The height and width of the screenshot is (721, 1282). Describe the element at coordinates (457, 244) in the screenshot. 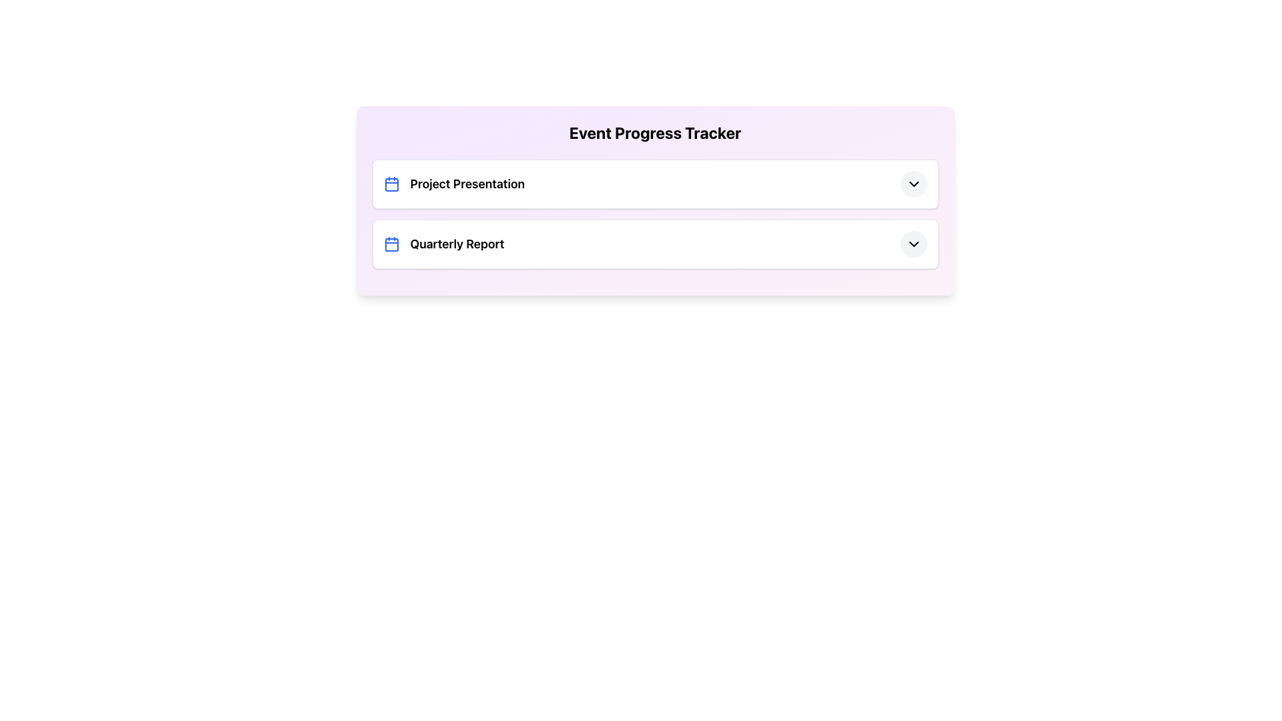

I see `the text label that displays the title for the list item associated with the 'Quarterly Report' in the 'Event Progress Tracker' section` at that location.